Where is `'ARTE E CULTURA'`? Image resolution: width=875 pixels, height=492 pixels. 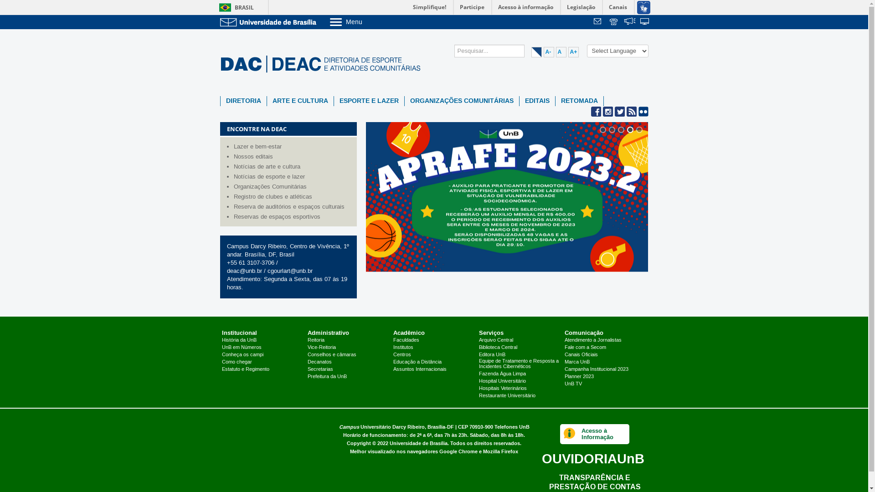 'ARTE E CULTURA' is located at coordinates (300, 101).